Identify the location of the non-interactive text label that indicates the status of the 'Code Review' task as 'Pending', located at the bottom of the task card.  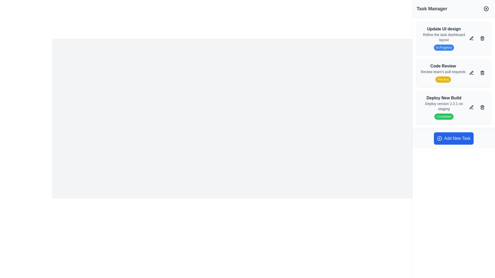
(443, 79).